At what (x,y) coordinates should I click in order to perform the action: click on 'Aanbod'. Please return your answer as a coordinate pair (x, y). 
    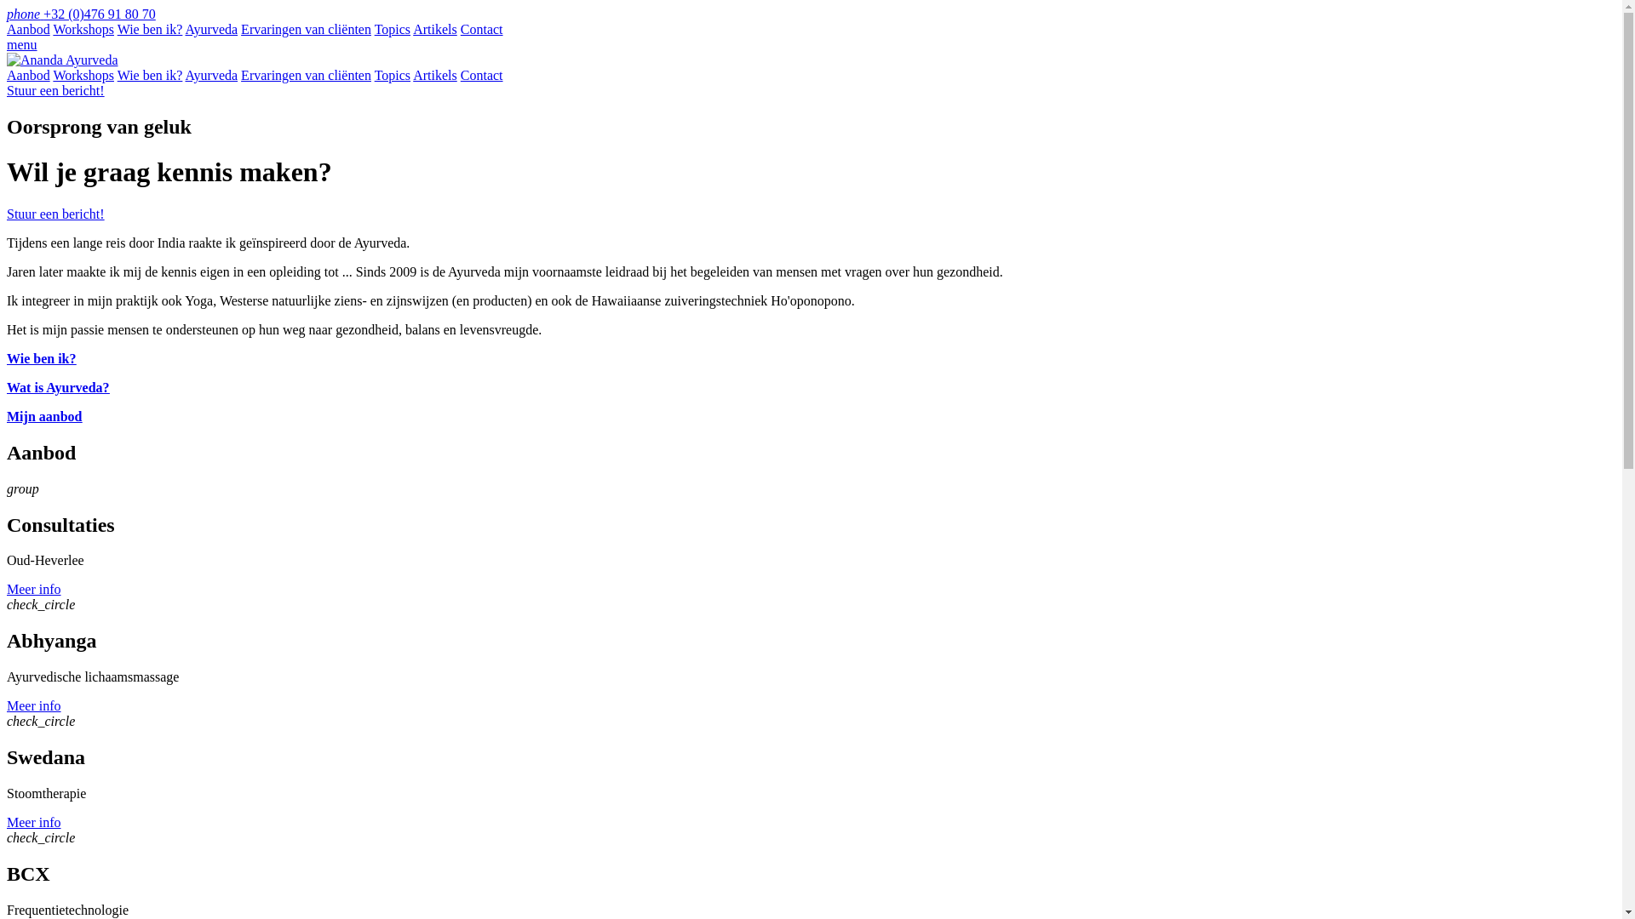
    Looking at the image, I should click on (28, 29).